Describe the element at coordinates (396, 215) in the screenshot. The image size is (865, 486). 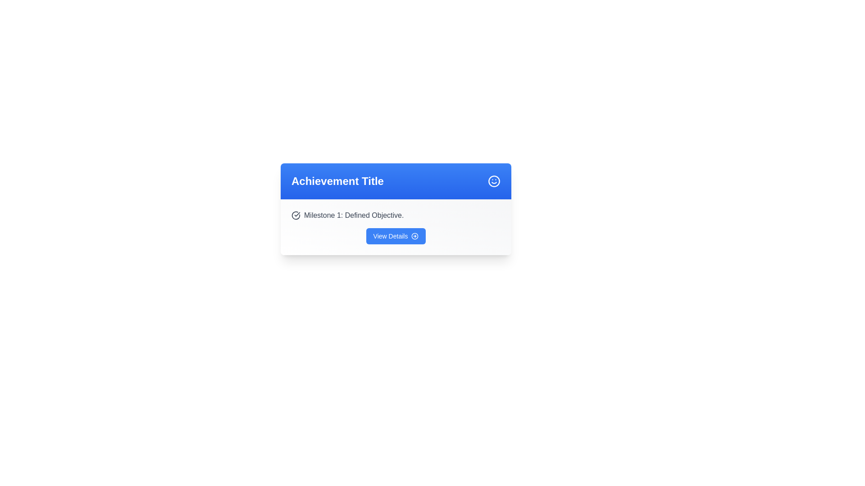
I see `the static text element that serves as a label or status indicator for a milestone, located below the 'Achievement Title' and above the 'View Details' button` at that location.